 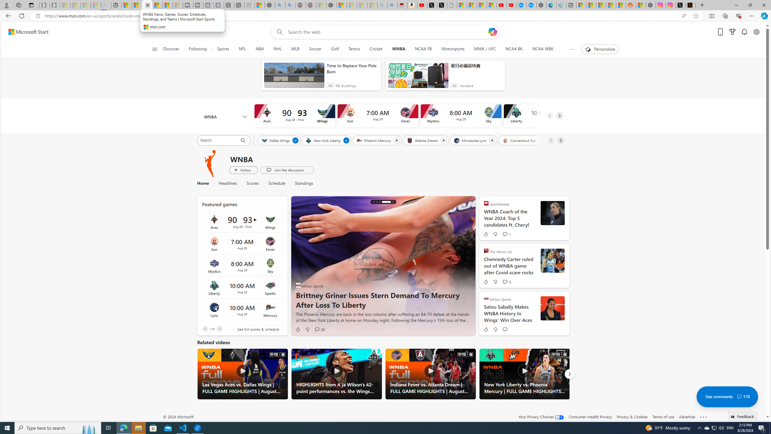 What do you see at coordinates (601, 5) in the screenshot?
I see `'Shanghai, China hourly forecast | Microsoft Weather'` at bounding box center [601, 5].